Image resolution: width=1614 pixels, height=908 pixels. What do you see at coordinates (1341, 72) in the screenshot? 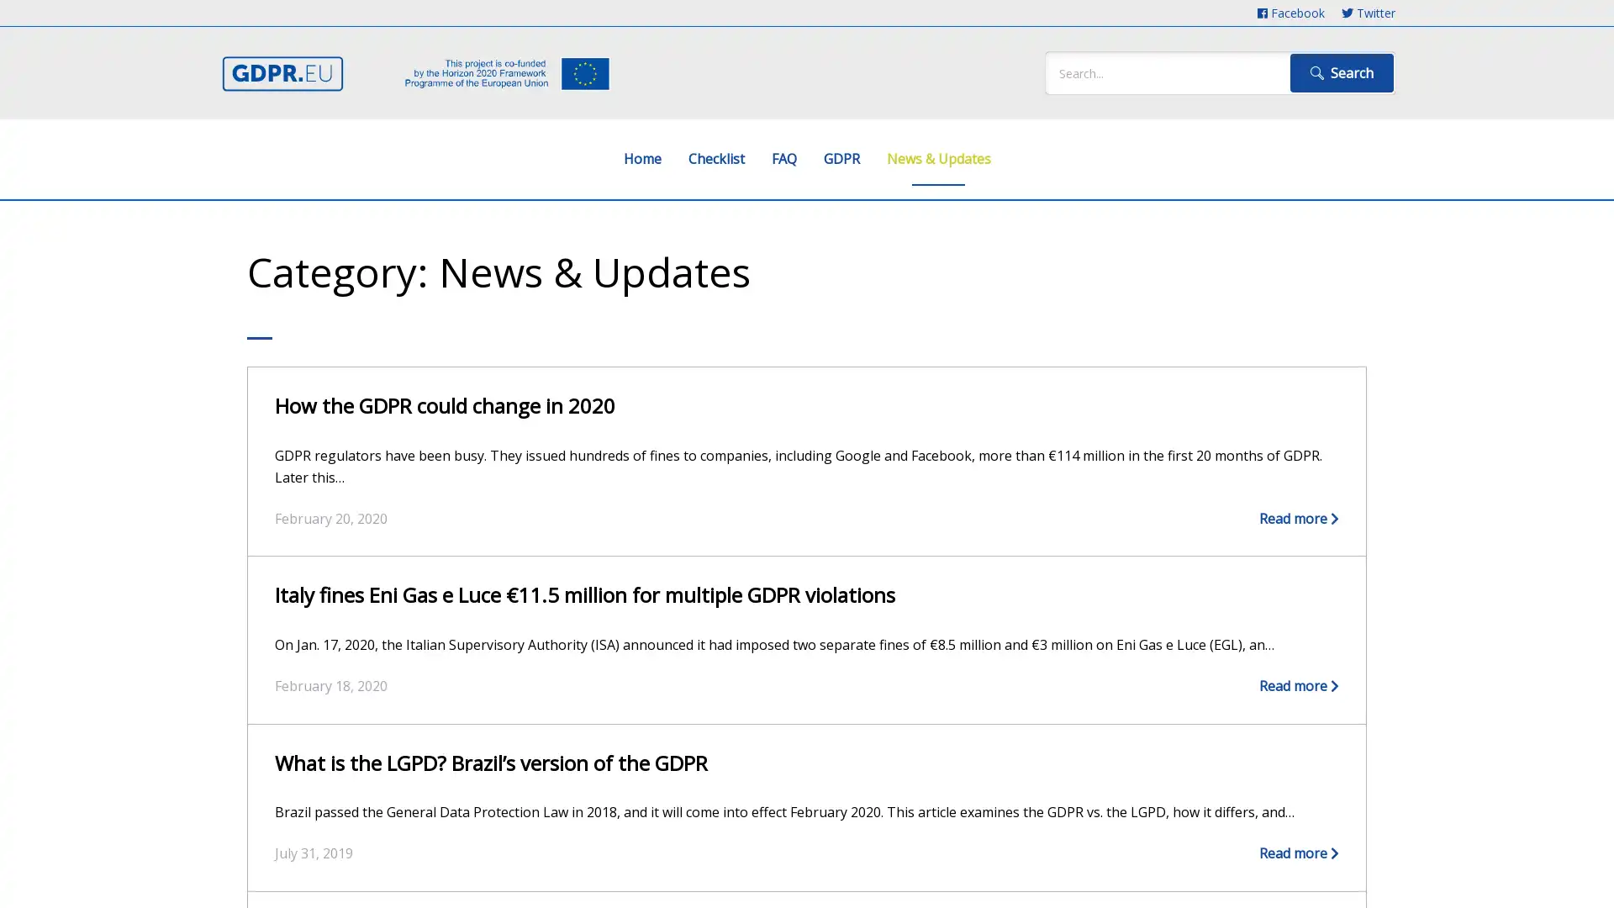
I see `Search` at bounding box center [1341, 72].